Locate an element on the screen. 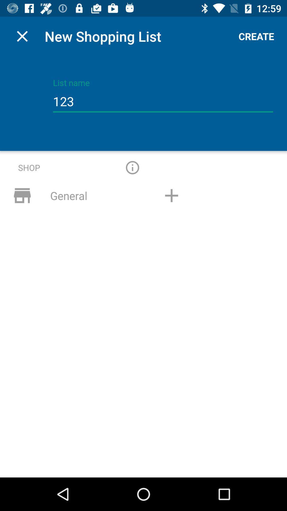 The width and height of the screenshot is (287, 511). app is located at coordinates (22, 36).